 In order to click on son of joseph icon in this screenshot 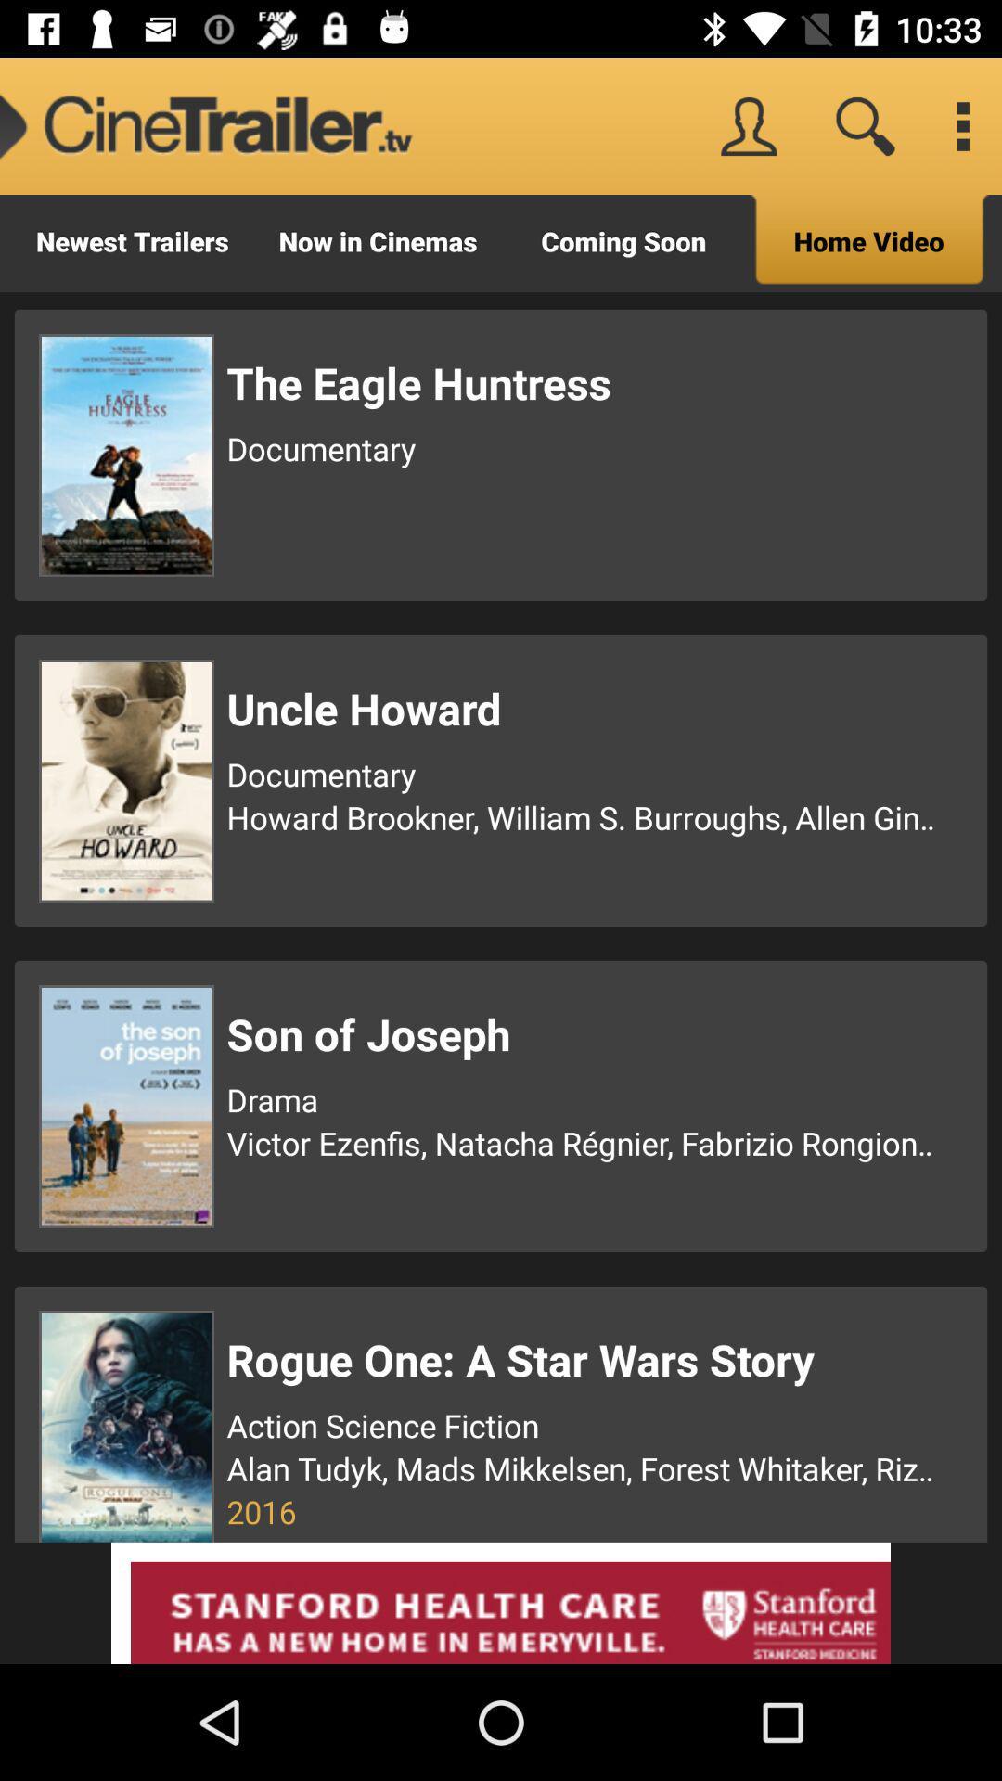, I will do `click(583, 1032)`.